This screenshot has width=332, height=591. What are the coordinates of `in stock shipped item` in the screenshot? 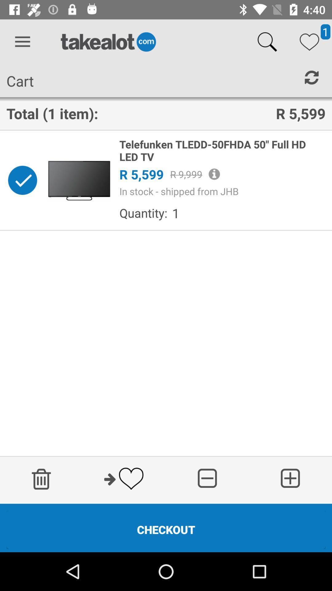 It's located at (222, 191).